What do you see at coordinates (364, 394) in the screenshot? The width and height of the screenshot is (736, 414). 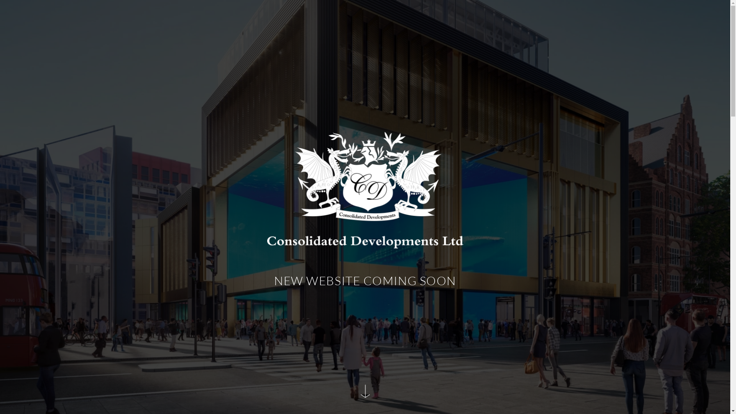 I see `'Scroll down to content'` at bounding box center [364, 394].